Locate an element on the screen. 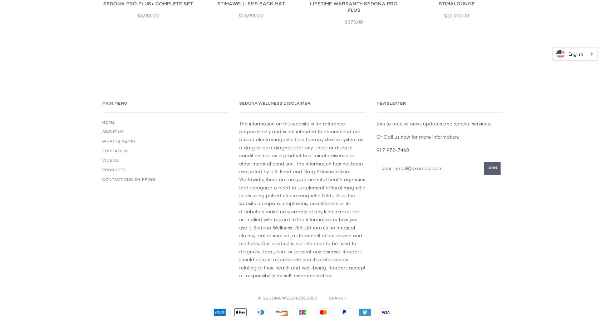  'Videos' is located at coordinates (110, 160).